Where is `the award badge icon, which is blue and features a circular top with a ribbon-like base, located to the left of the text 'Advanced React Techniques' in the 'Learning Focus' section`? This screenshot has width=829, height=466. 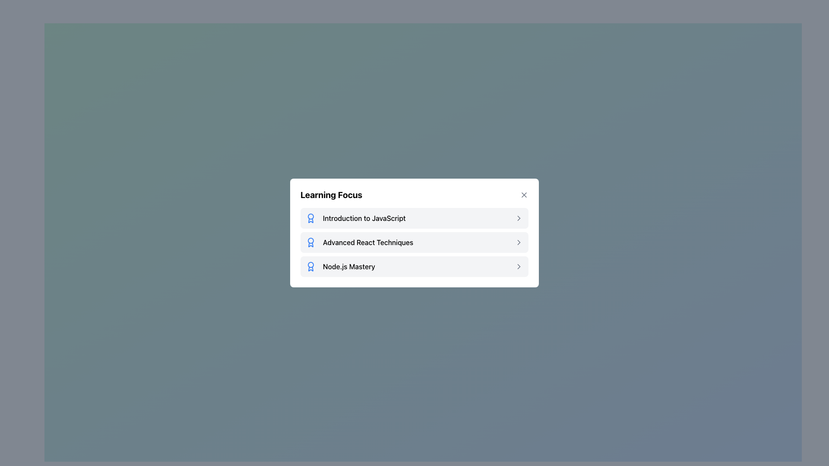 the award badge icon, which is blue and features a circular top with a ribbon-like base, located to the left of the text 'Advanced React Techniques' in the 'Learning Focus' section is located at coordinates (311, 242).